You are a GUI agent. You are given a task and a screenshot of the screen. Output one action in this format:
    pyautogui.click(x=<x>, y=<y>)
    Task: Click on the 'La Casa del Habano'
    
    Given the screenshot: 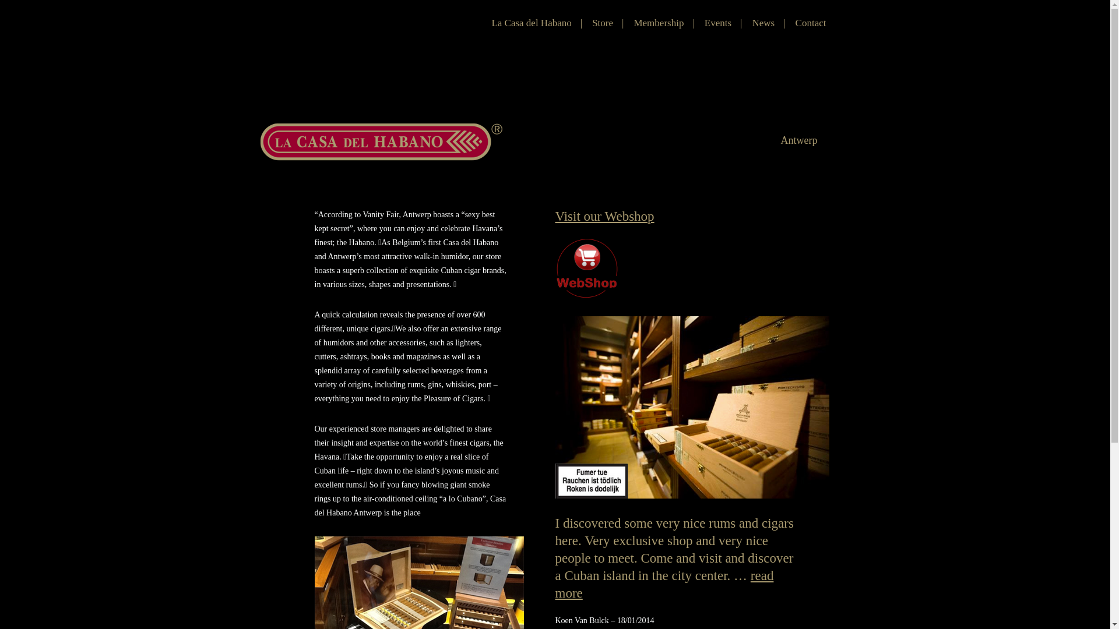 What is the action you would take?
    pyautogui.click(x=530, y=23)
    